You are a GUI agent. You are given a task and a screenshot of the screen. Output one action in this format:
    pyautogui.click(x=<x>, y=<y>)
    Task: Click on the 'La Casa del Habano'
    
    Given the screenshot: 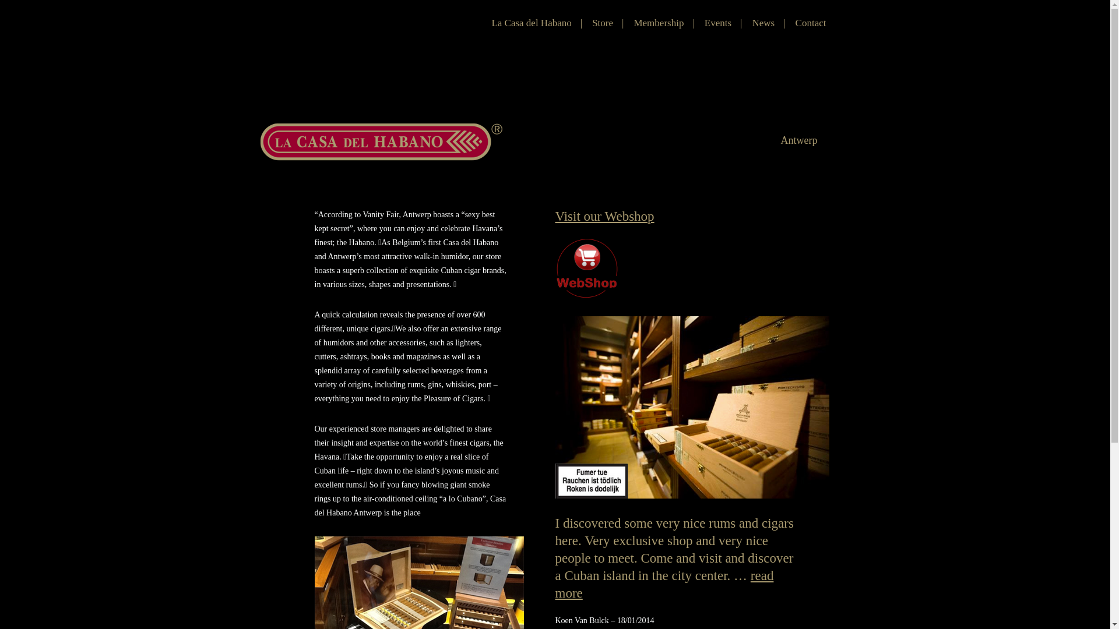 What is the action you would take?
    pyautogui.click(x=530, y=23)
    